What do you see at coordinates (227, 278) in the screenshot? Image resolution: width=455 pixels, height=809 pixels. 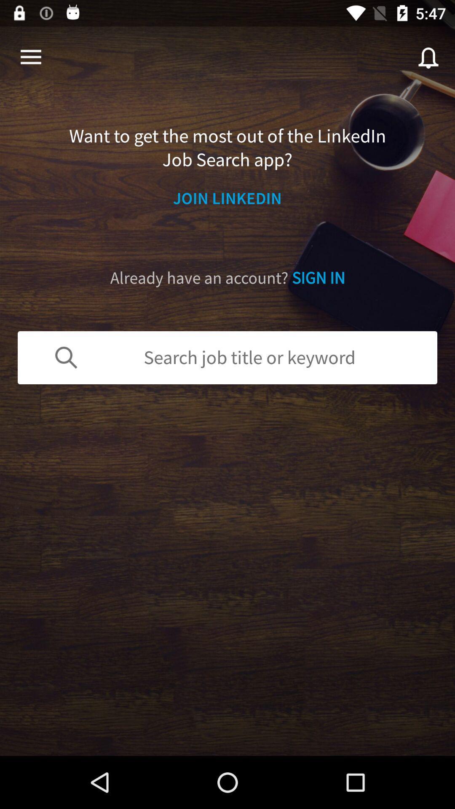 I see `the item below the join linkedin` at bounding box center [227, 278].